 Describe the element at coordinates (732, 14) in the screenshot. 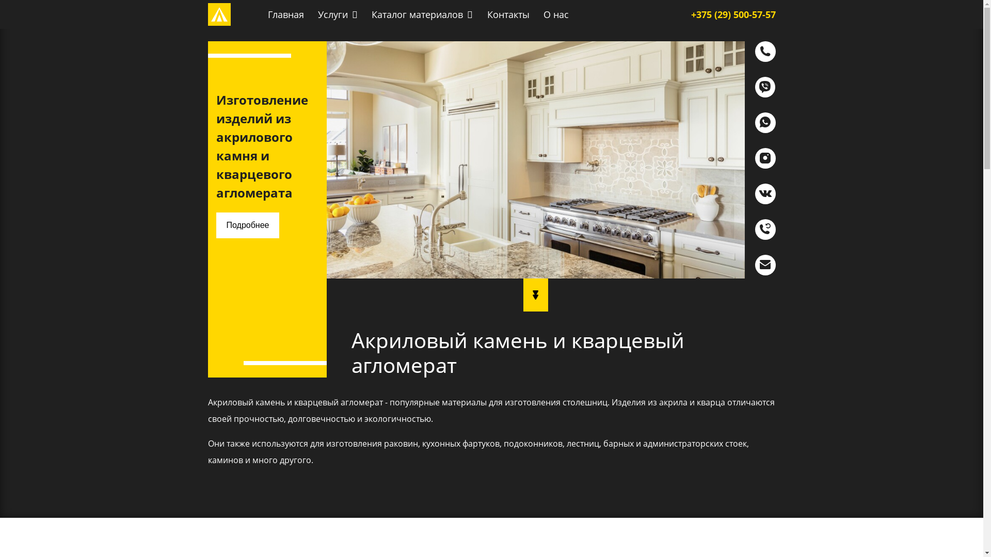

I see `'+375 (29) 500-57-57'` at that location.